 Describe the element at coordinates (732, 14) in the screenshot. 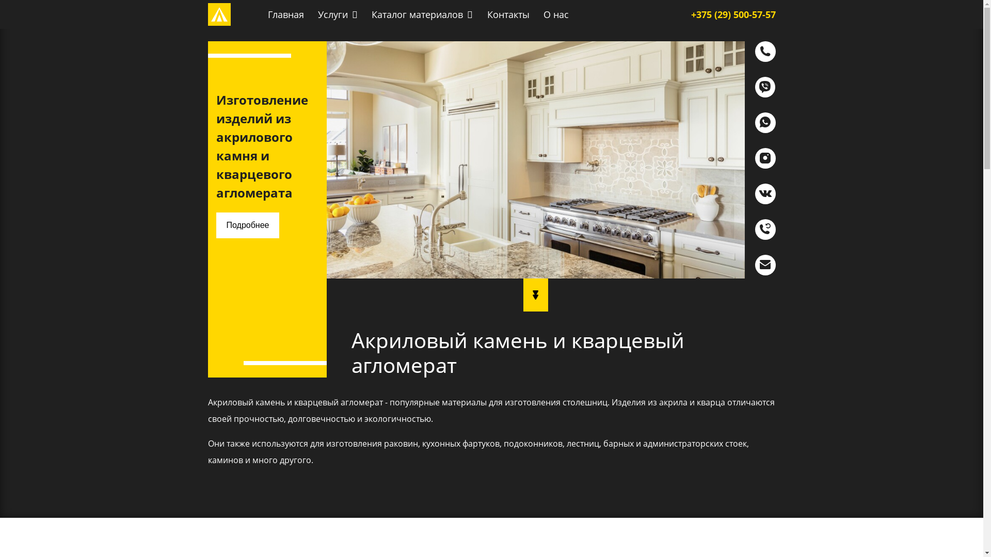

I see `'+375 (29) 500-57-57'` at that location.